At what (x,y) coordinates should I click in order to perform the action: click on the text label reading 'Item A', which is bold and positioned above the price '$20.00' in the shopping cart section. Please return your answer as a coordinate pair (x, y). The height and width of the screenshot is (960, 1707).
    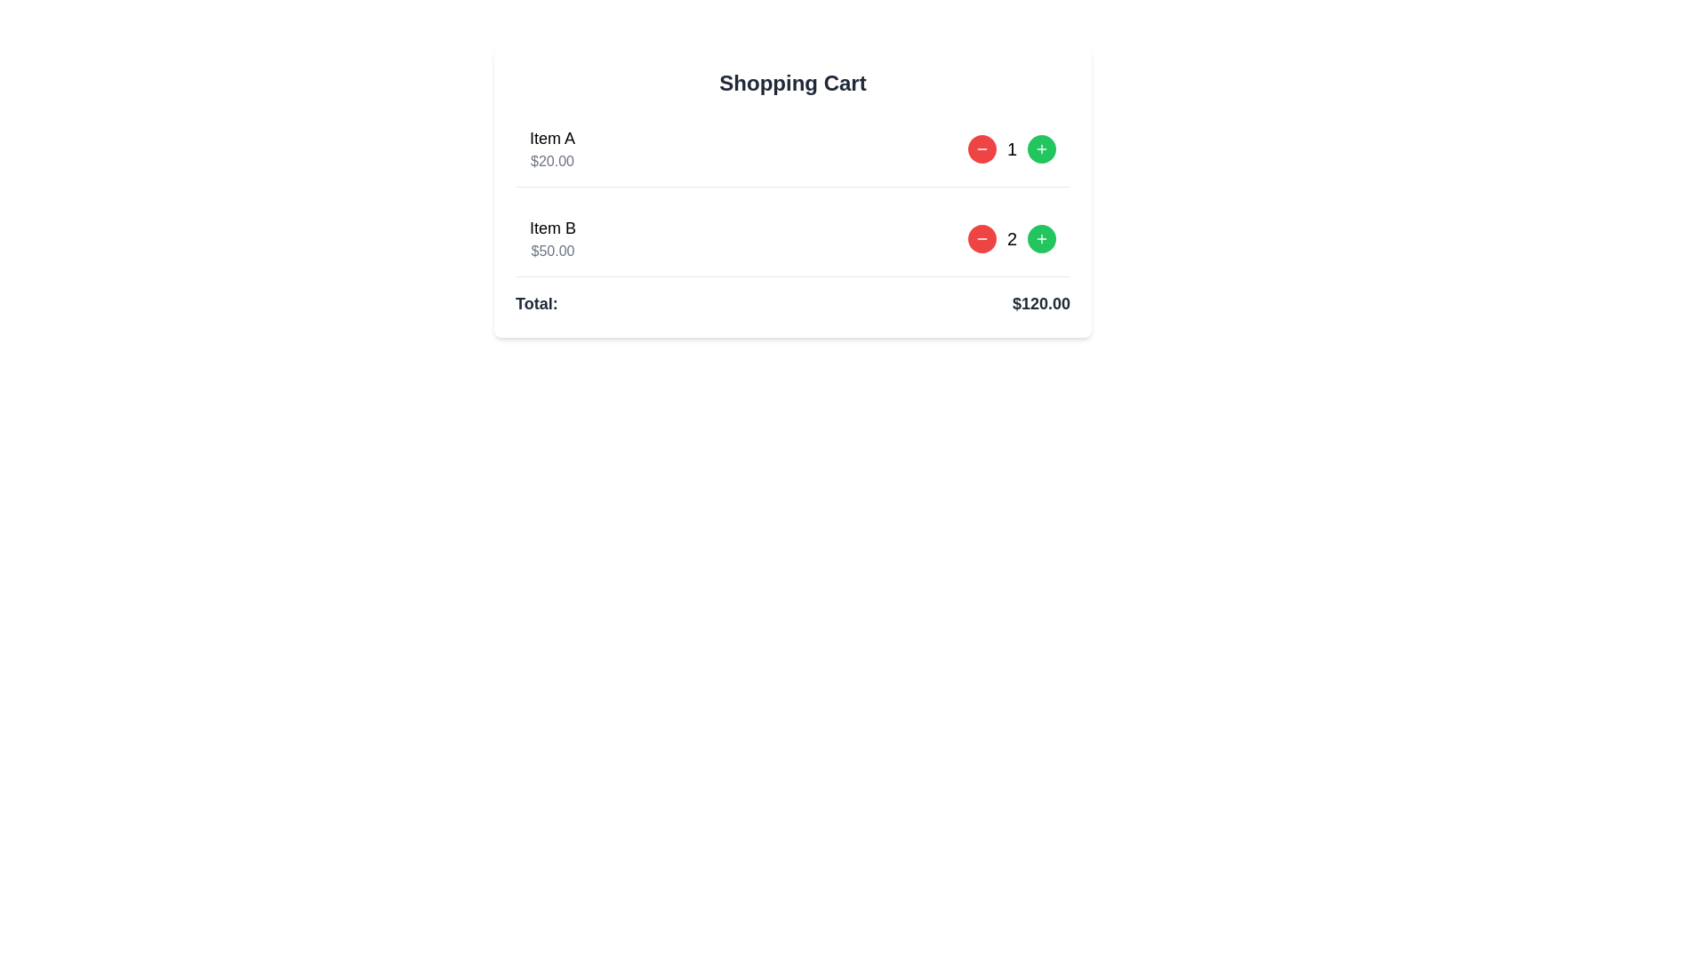
    Looking at the image, I should click on (551, 137).